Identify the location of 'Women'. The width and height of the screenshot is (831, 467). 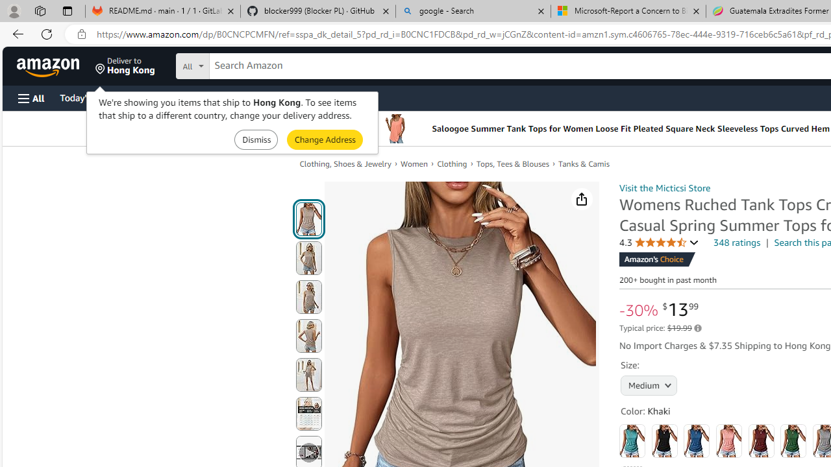
(414, 163).